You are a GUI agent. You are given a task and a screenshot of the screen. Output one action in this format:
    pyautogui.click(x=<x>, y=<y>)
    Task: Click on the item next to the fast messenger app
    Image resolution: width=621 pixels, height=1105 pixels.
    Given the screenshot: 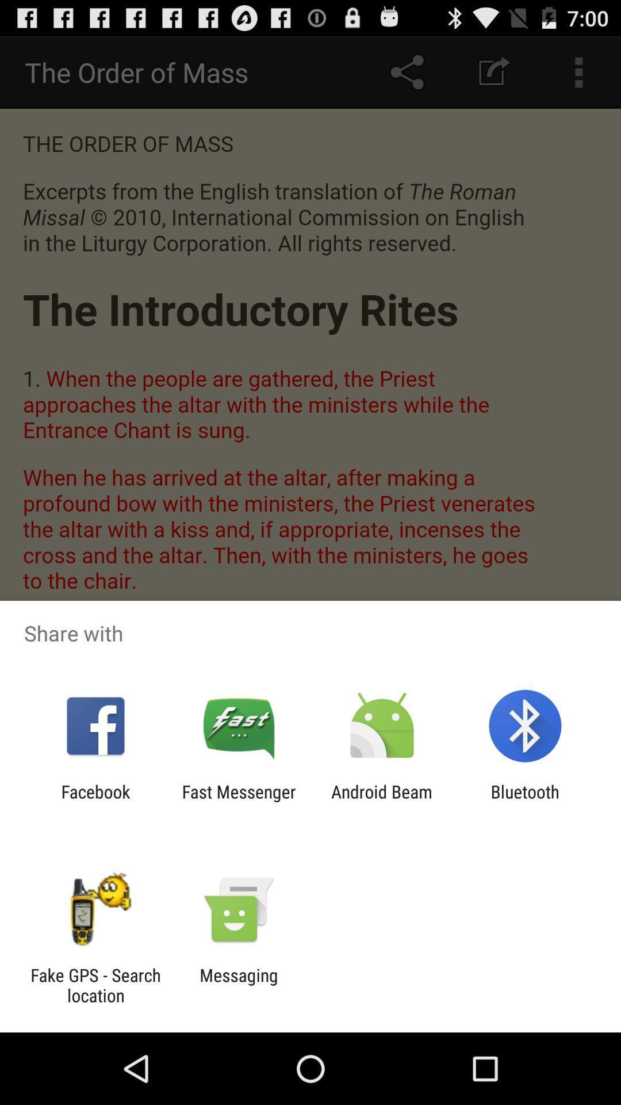 What is the action you would take?
    pyautogui.click(x=95, y=801)
    